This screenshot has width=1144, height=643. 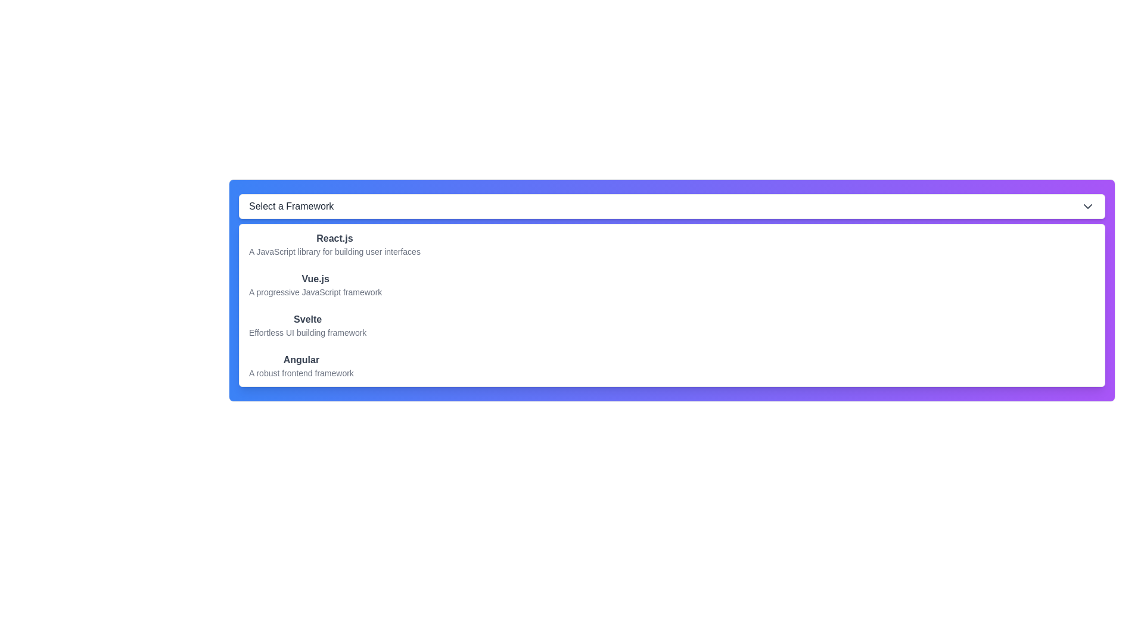 What do you see at coordinates (334, 244) in the screenshot?
I see `the first list item labeled 'React.js' in the dropdown titled 'Select a Framework'` at bounding box center [334, 244].